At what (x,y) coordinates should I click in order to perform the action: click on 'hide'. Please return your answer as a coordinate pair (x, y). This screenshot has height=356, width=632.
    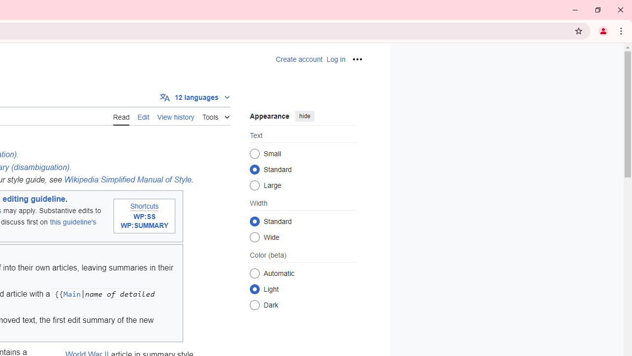
    Looking at the image, I should click on (304, 115).